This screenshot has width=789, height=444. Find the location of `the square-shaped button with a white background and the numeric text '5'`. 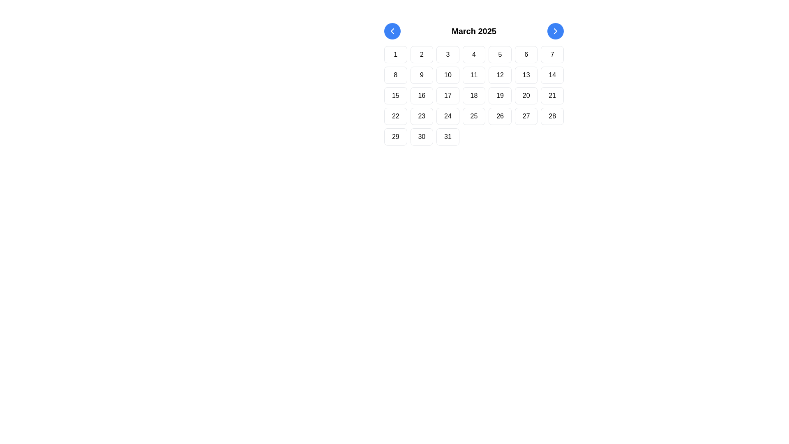

the square-shaped button with a white background and the numeric text '5' is located at coordinates (500, 54).